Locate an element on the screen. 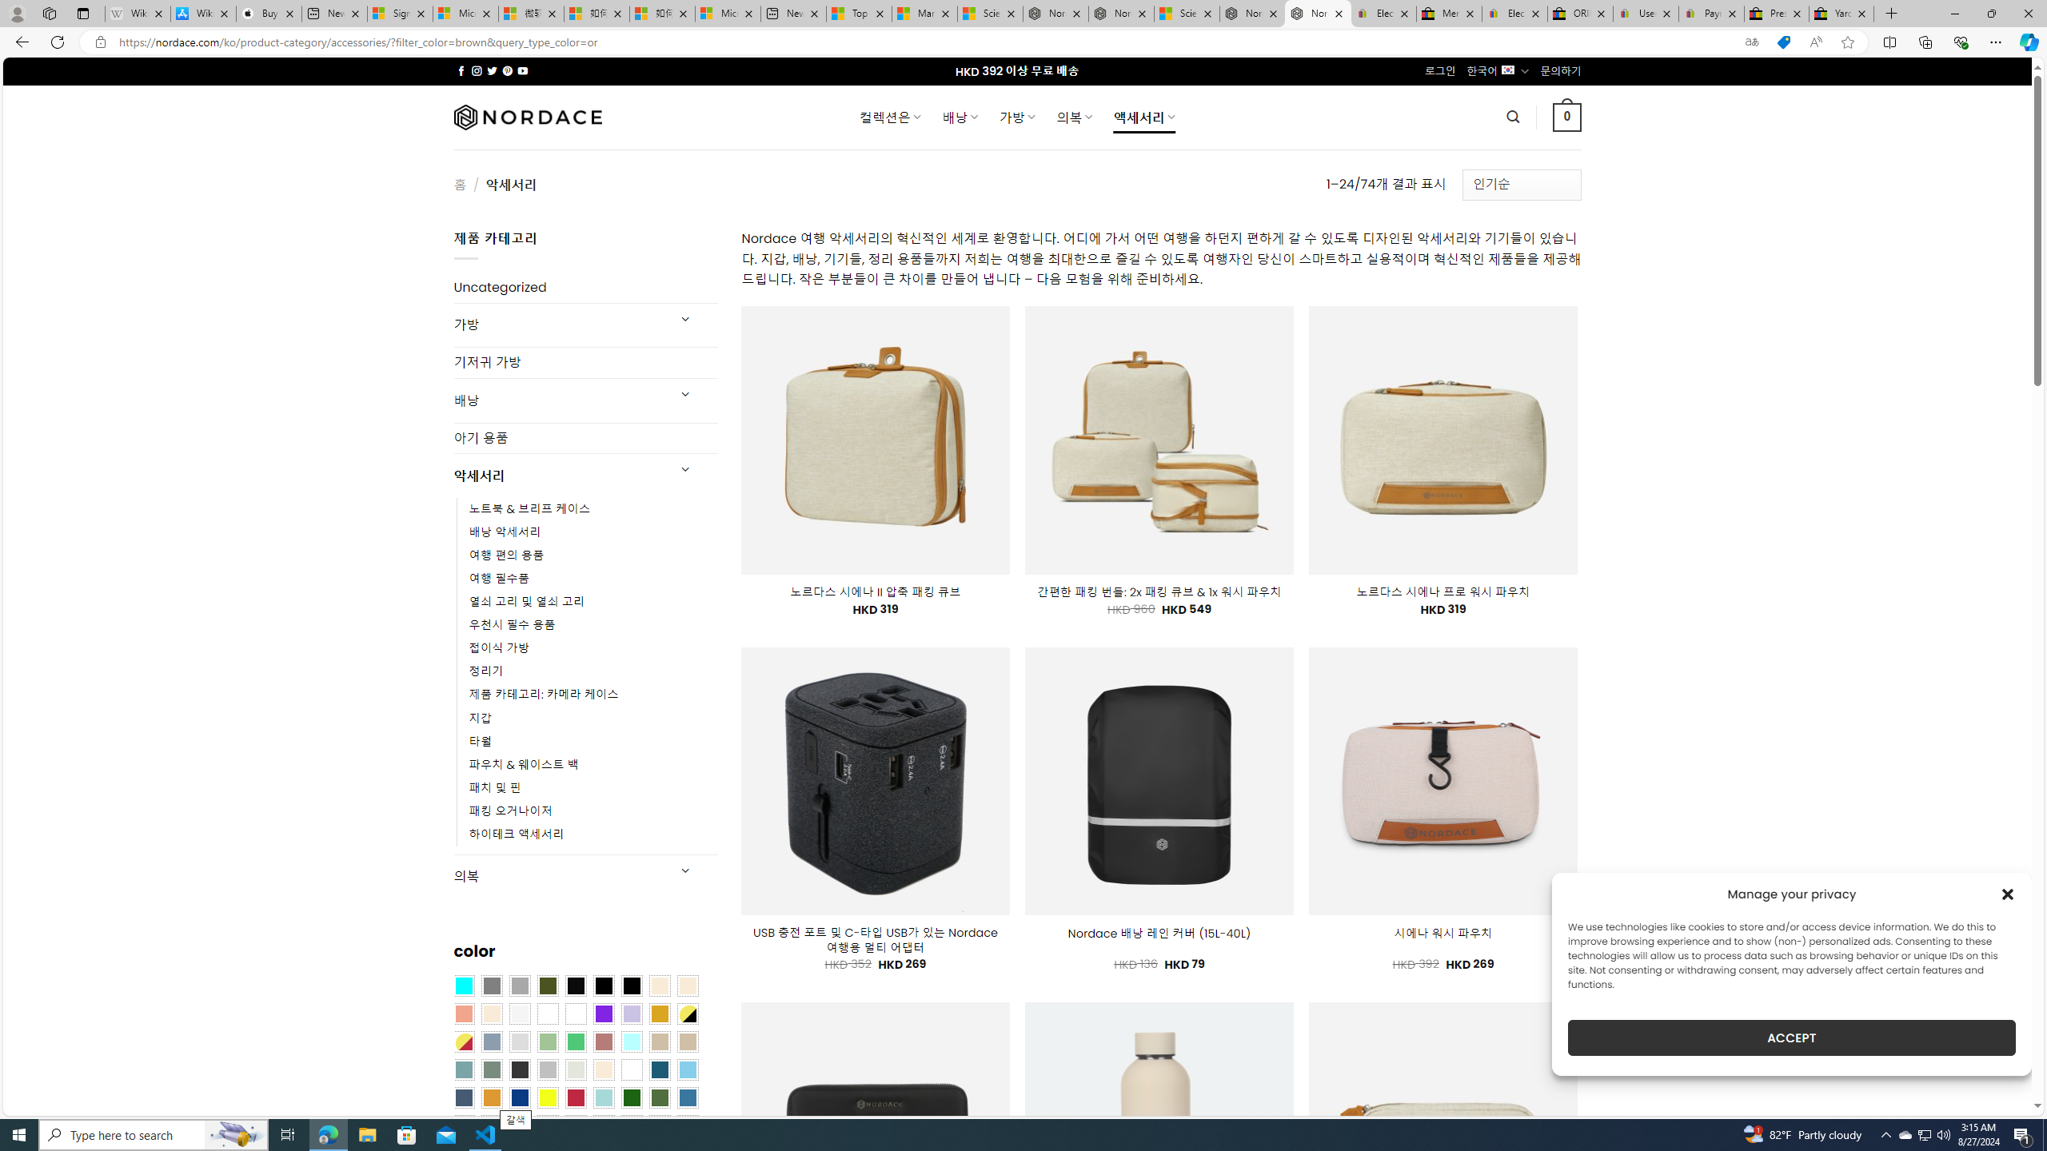  'Yard, Garden & Outdoor Living' is located at coordinates (1841, 13).